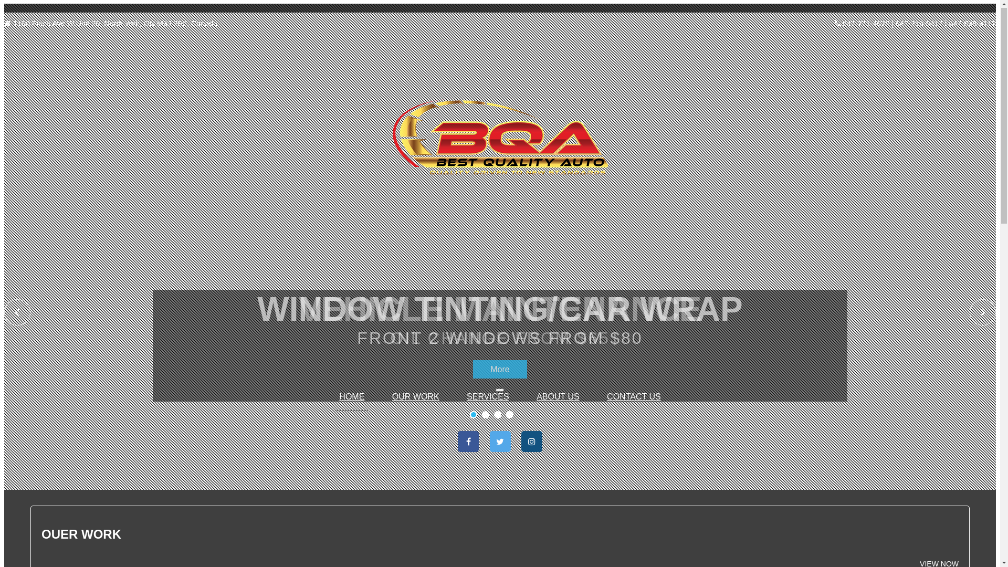 This screenshot has width=1008, height=567. Describe the element at coordinates (557, 397) in the screenshot. I see `'ABOUT US'` at that location.